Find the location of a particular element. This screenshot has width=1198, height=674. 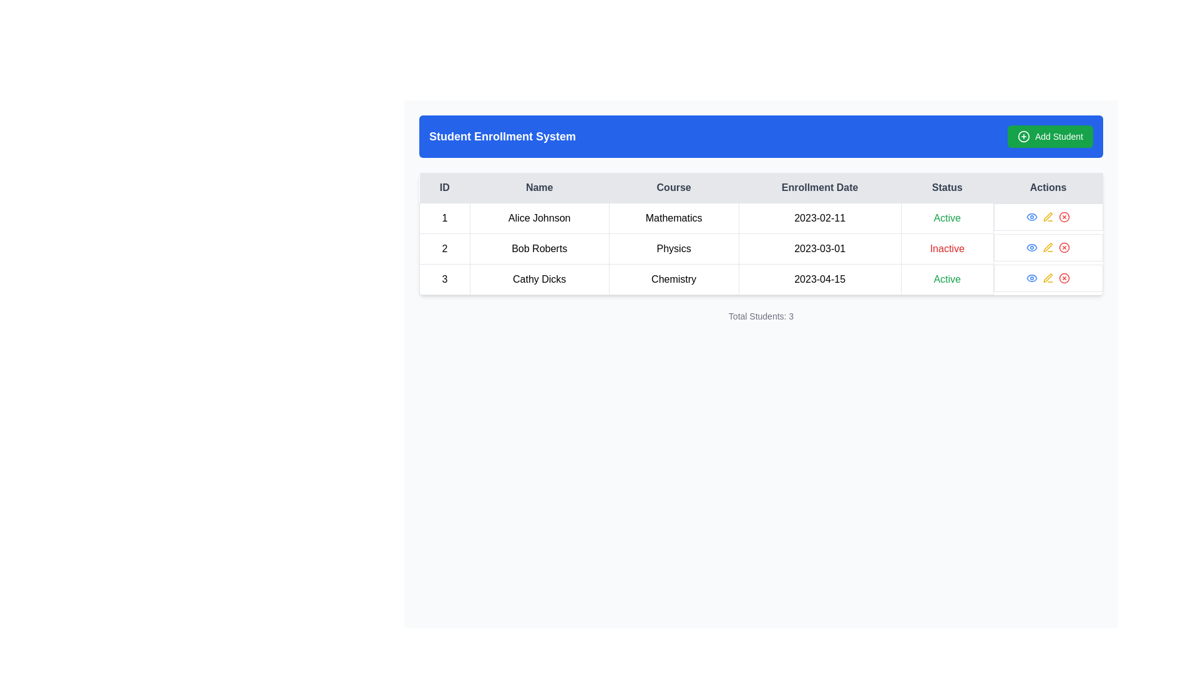

the table cell displaying the name 'Cathy Dicks' in the third row, second column labeled 'Name' is located at coordinates (539, 278).